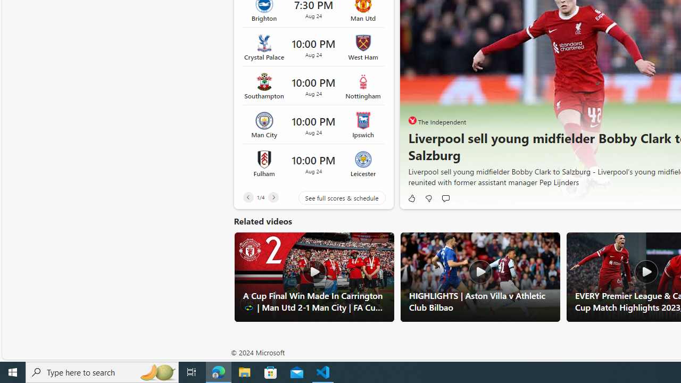 Image resolution: width=681 pixels, height=383 pixels. I want to click on 'Previous', so click(247, 197).